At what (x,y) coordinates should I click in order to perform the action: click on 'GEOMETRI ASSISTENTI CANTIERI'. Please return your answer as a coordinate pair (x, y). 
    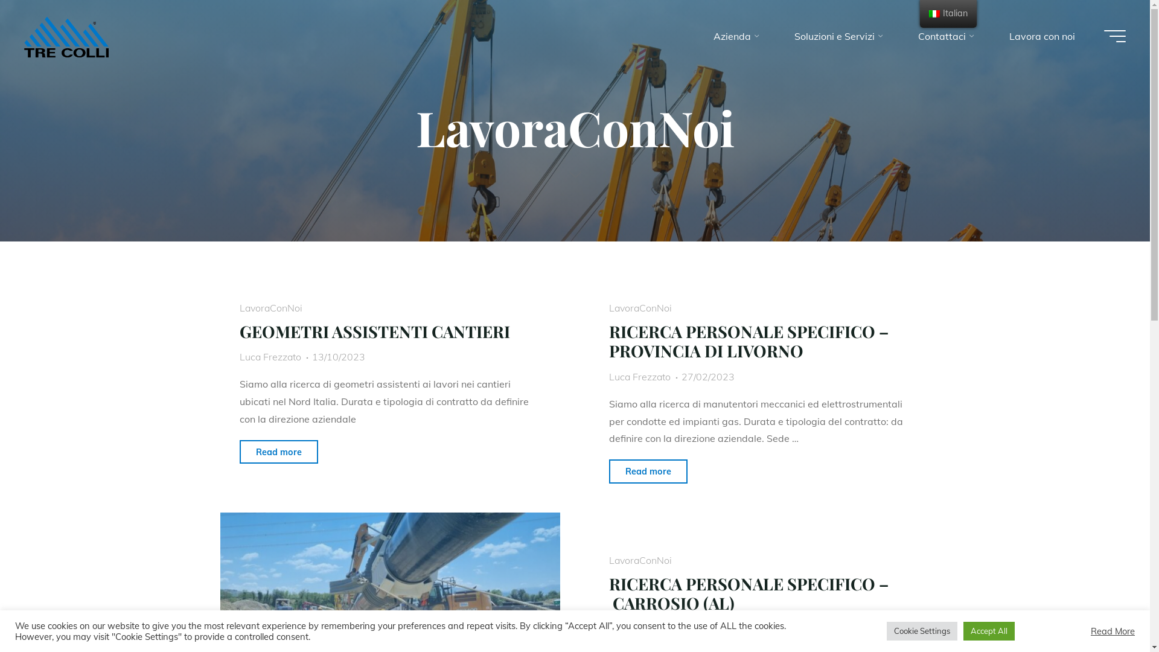
    Looking at the image, I should click on (374, 331).